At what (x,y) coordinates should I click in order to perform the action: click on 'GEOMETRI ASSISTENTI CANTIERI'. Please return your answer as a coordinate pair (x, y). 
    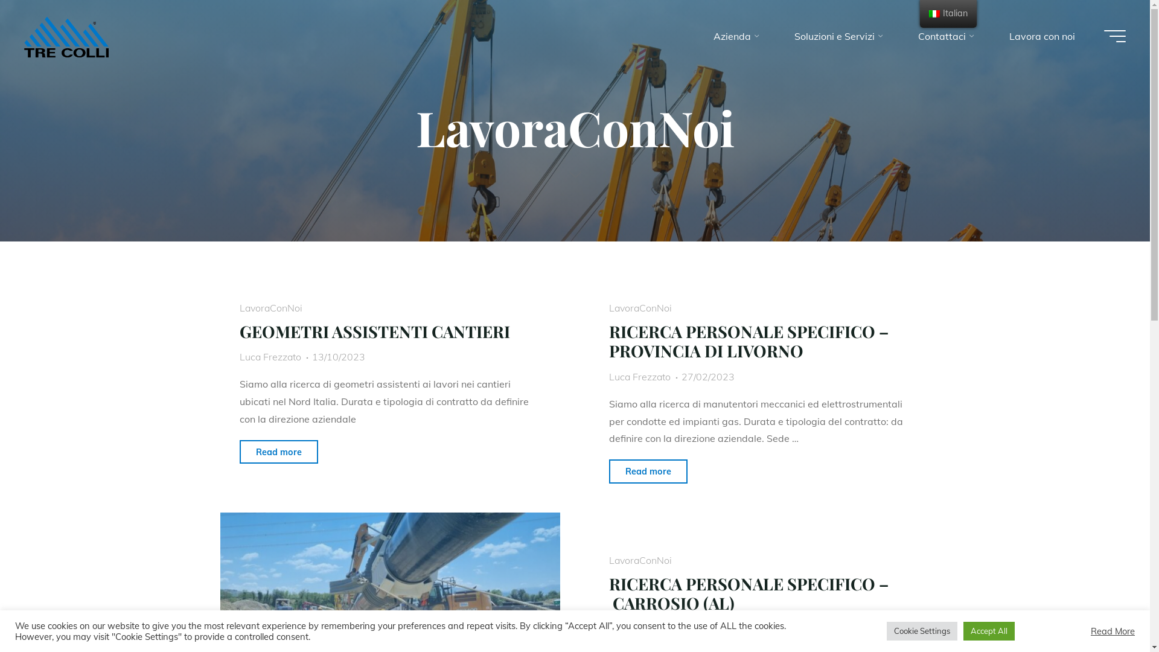
    Looking at the image, I should click on (374, 331).